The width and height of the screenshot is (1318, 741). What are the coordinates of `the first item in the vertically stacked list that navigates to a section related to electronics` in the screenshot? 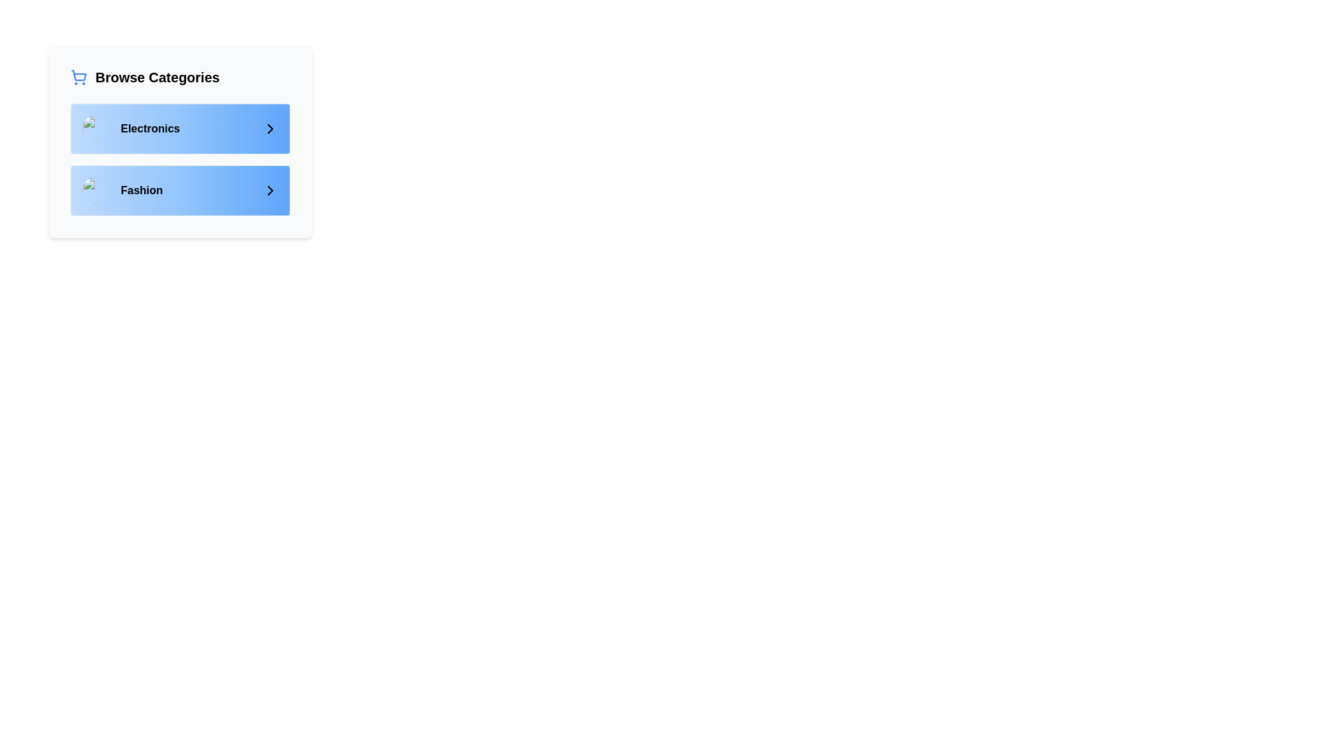 It's located at (131, 129).